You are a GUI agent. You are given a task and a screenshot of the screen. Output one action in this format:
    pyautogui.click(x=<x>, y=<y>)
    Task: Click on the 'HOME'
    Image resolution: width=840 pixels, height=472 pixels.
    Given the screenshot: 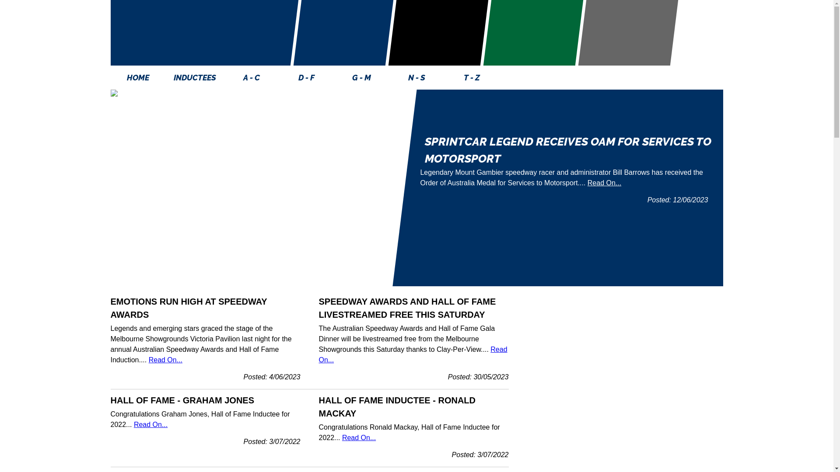 What is the action you would take?
    pyautogui.click(x=137, y=77)
    